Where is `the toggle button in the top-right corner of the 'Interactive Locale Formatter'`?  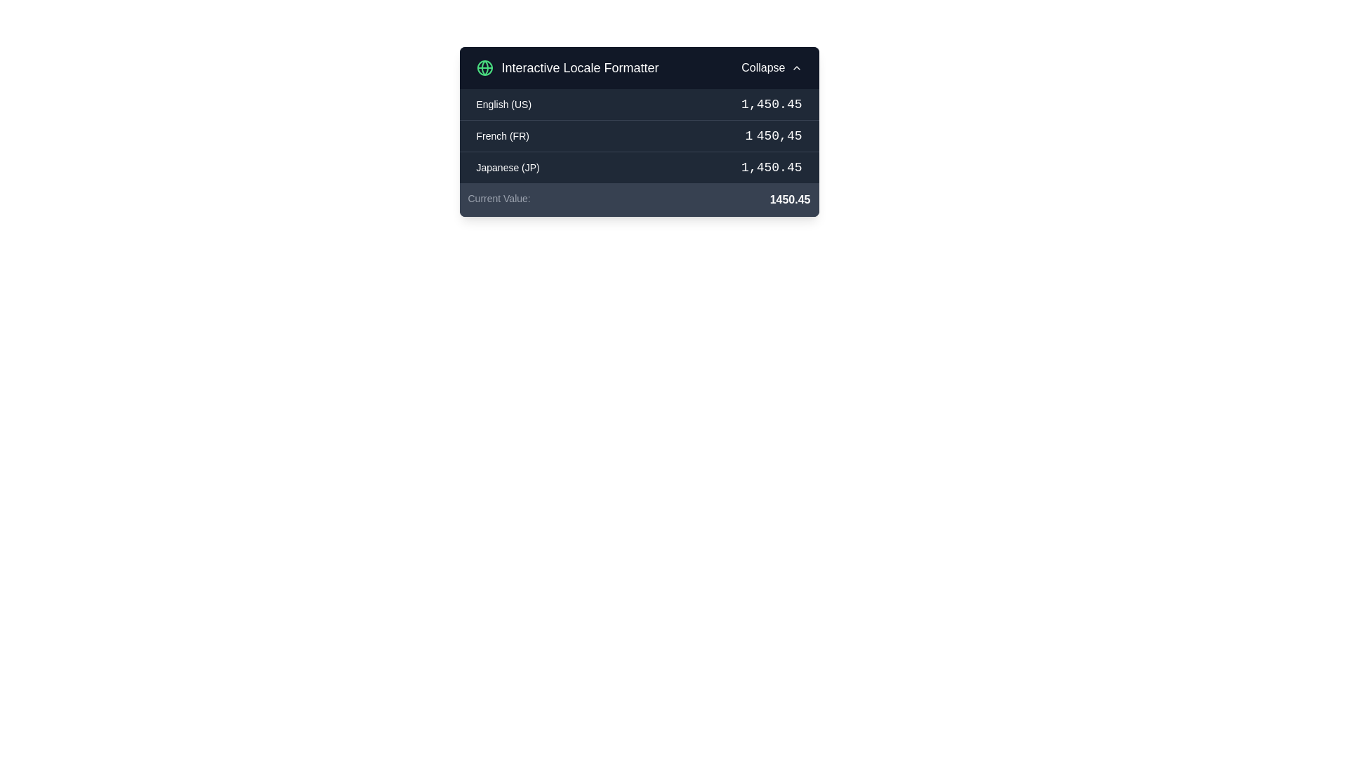
the toggle button in the top-right corner of the 'Interactive Locale Formatter' is located at coordinates (771, 67).